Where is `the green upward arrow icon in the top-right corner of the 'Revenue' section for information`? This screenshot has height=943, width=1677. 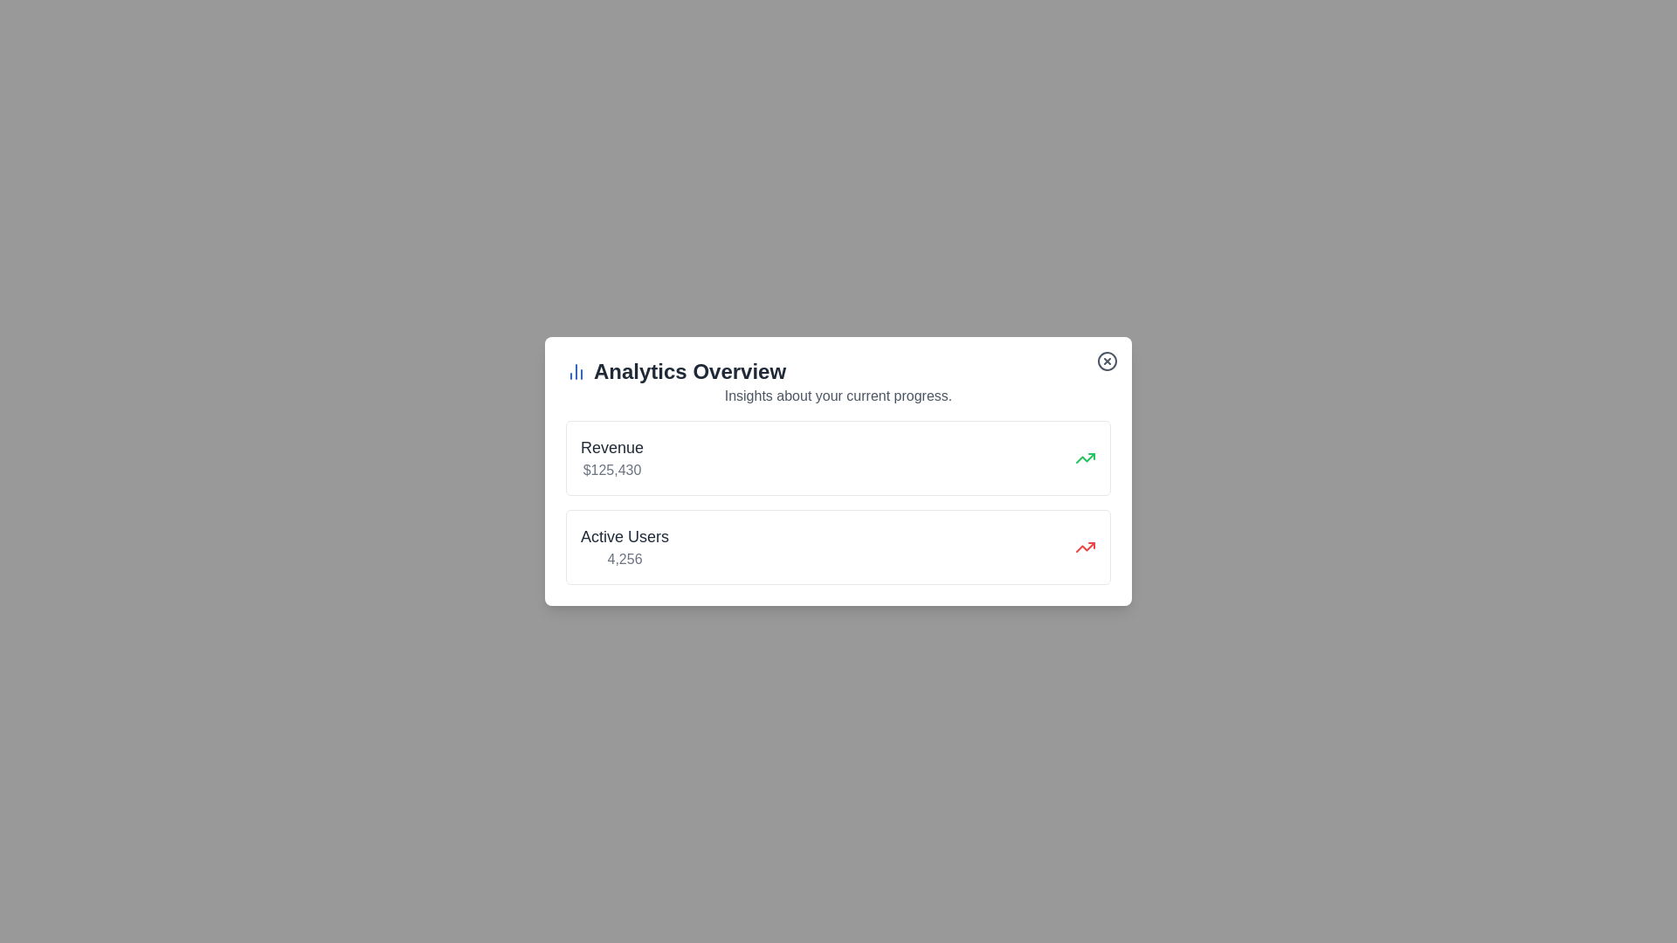
the green upward arrow icon in the top-right corner of the 'Revenue' section for information is located at coordinates (1085, 457).